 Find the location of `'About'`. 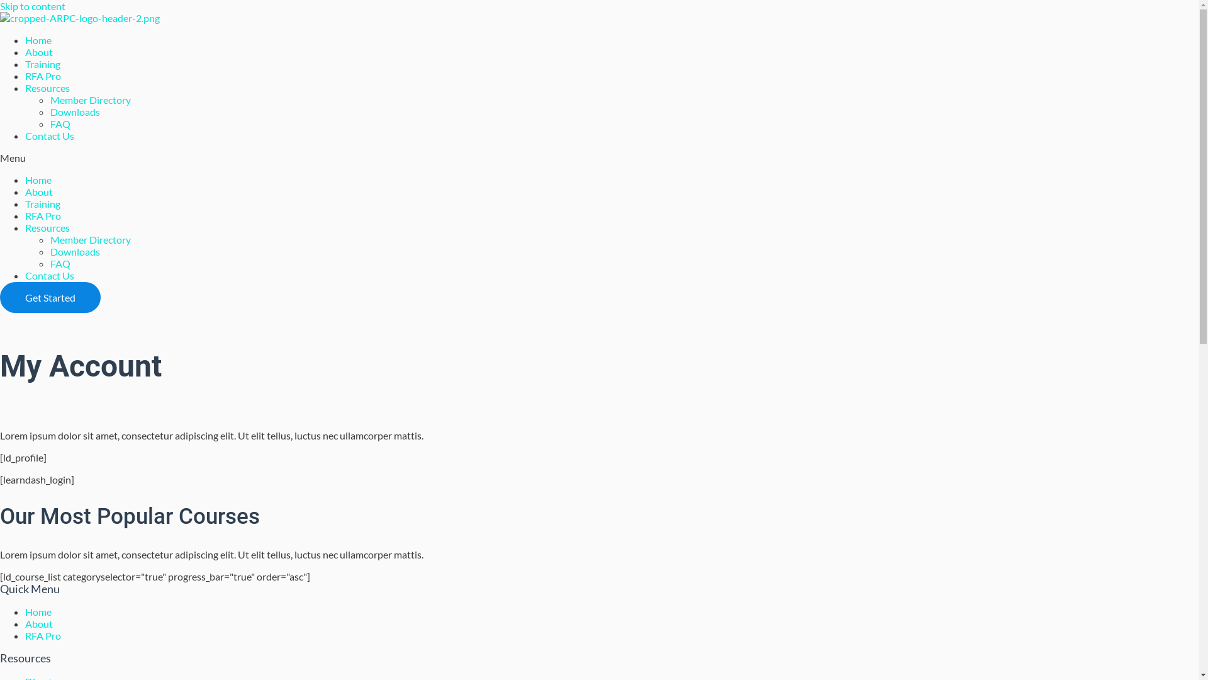

'About' is located at coordinates (39, 51).